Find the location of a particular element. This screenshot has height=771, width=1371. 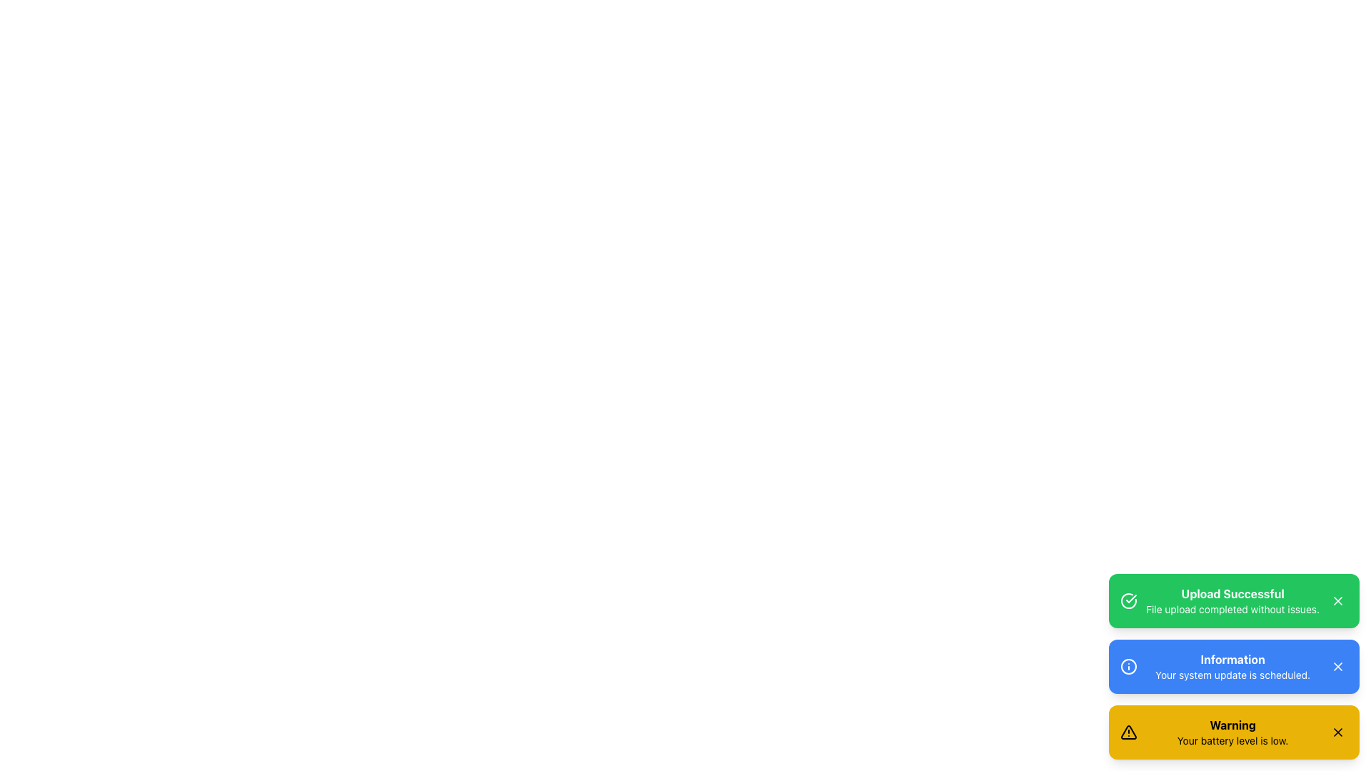

the close button located at the top-right corner of the 'Upload Successful' notification card is located at coordinates (1337, 600).